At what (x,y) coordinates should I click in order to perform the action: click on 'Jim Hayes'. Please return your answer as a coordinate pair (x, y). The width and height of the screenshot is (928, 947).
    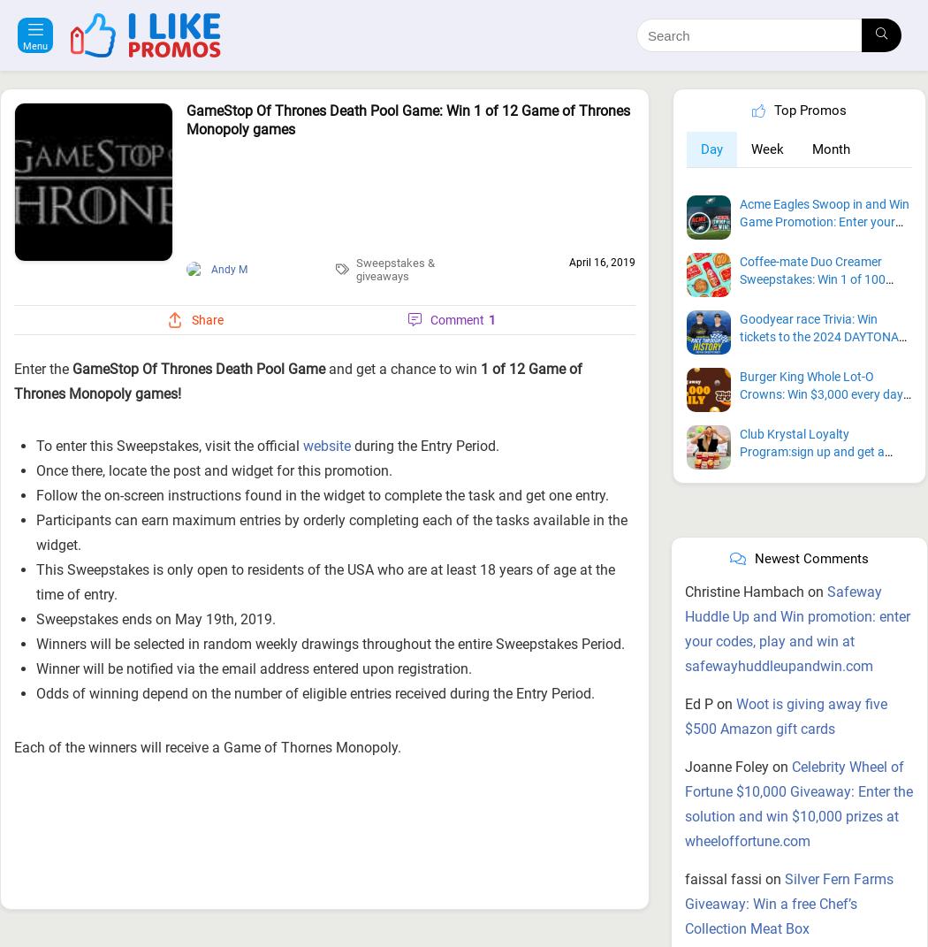
    Looking at the image, I should click on (166, 939).